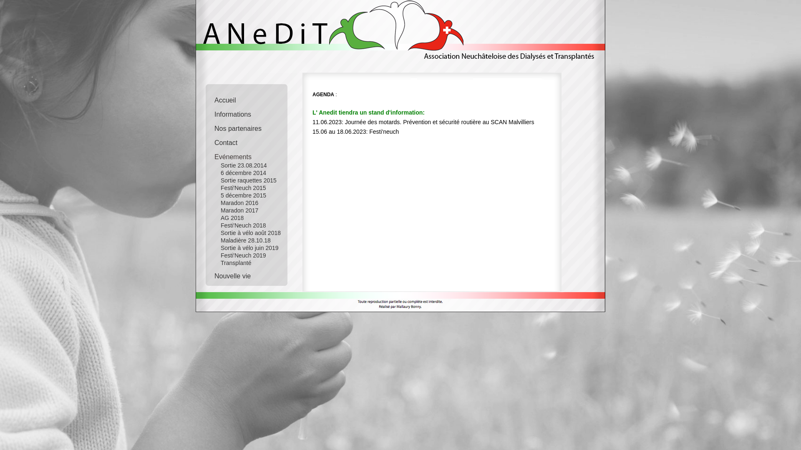  Describe the element at coordinates (252, 273) in the screenshot. I see `'Nouvelle vie'` at that location.